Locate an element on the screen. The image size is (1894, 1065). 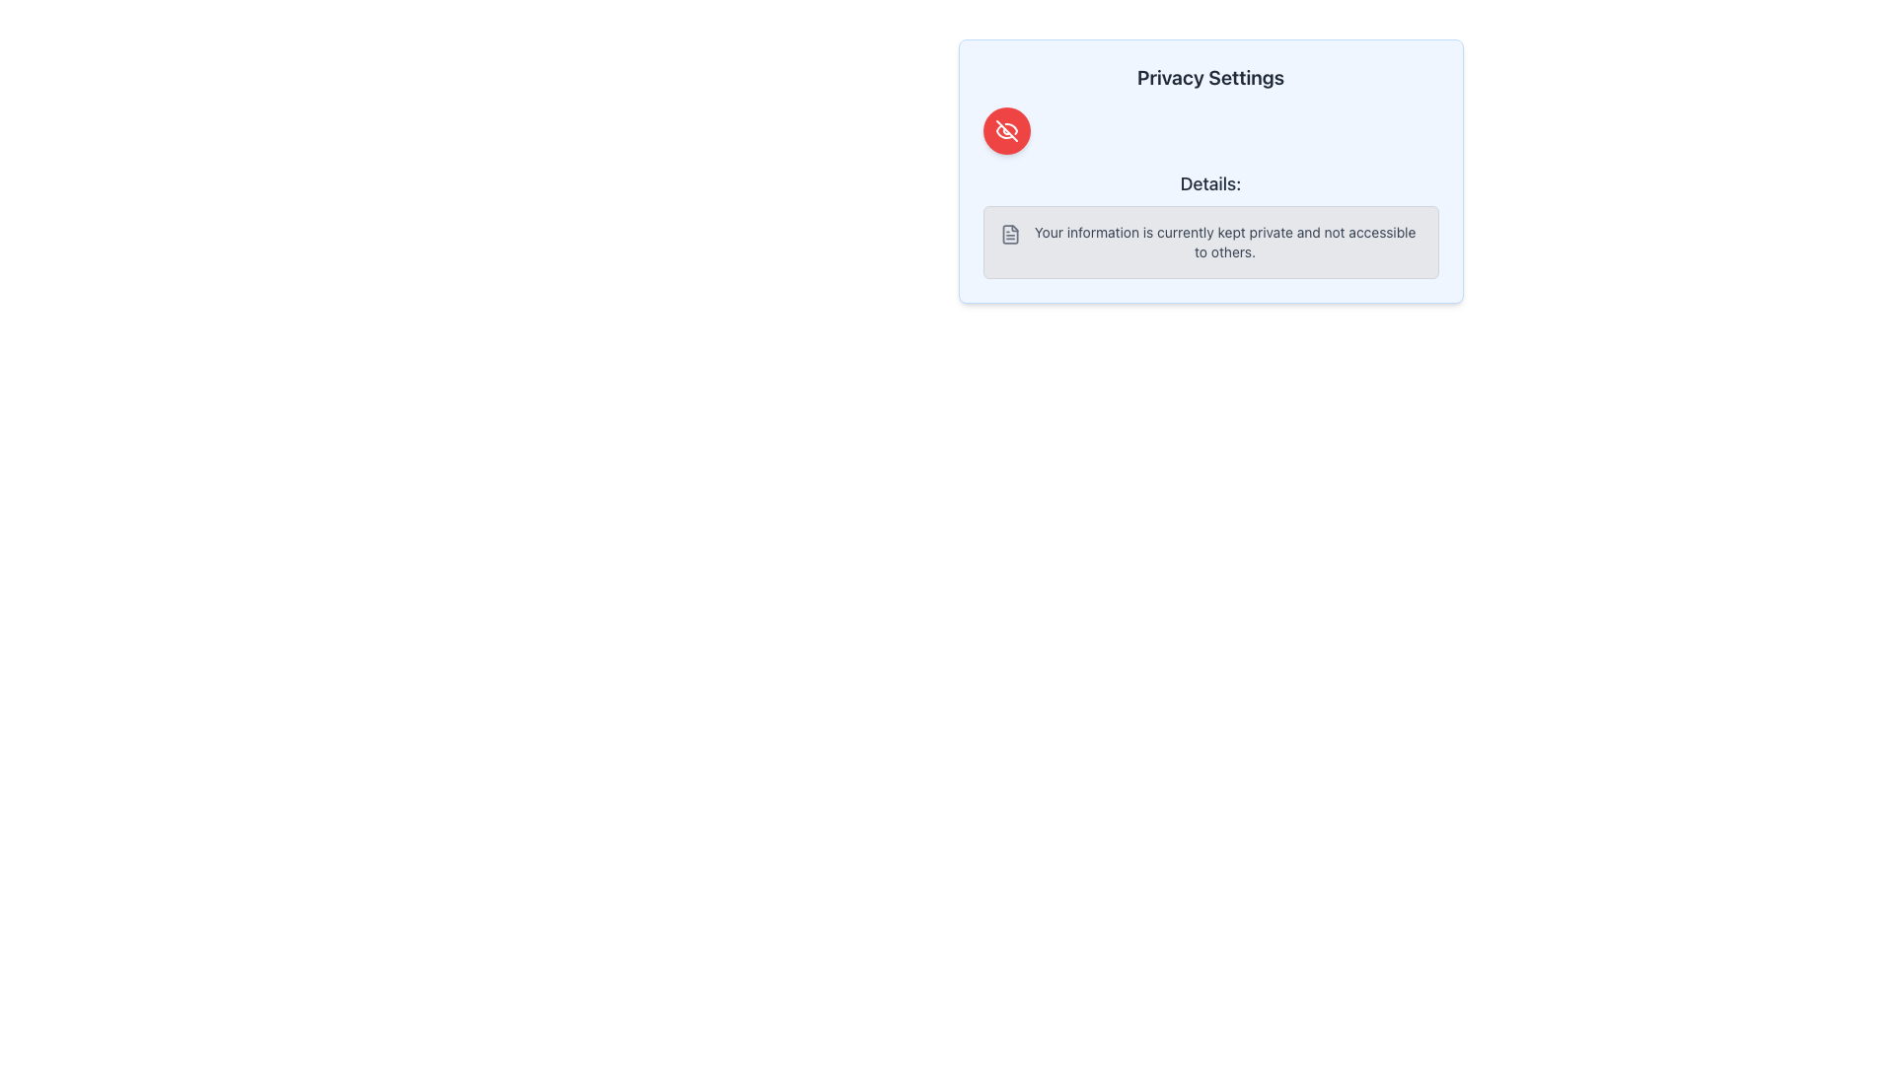
the Information Display section labeled 'Details:' that contains the message about privacy, located below the red circular button with an eye-like icon is located at coordinates (1209, 223).